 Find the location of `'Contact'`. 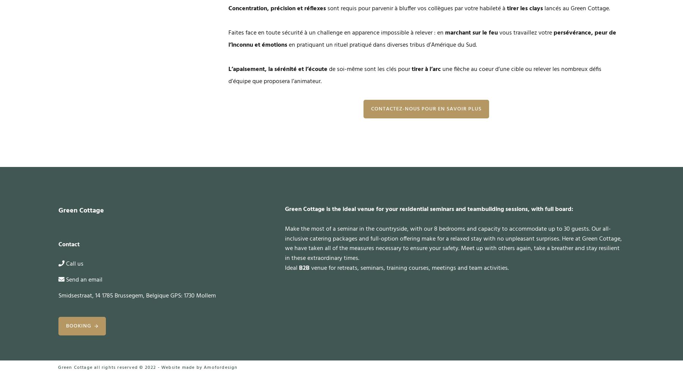

'Contact' is located at coordinates (69, 244).